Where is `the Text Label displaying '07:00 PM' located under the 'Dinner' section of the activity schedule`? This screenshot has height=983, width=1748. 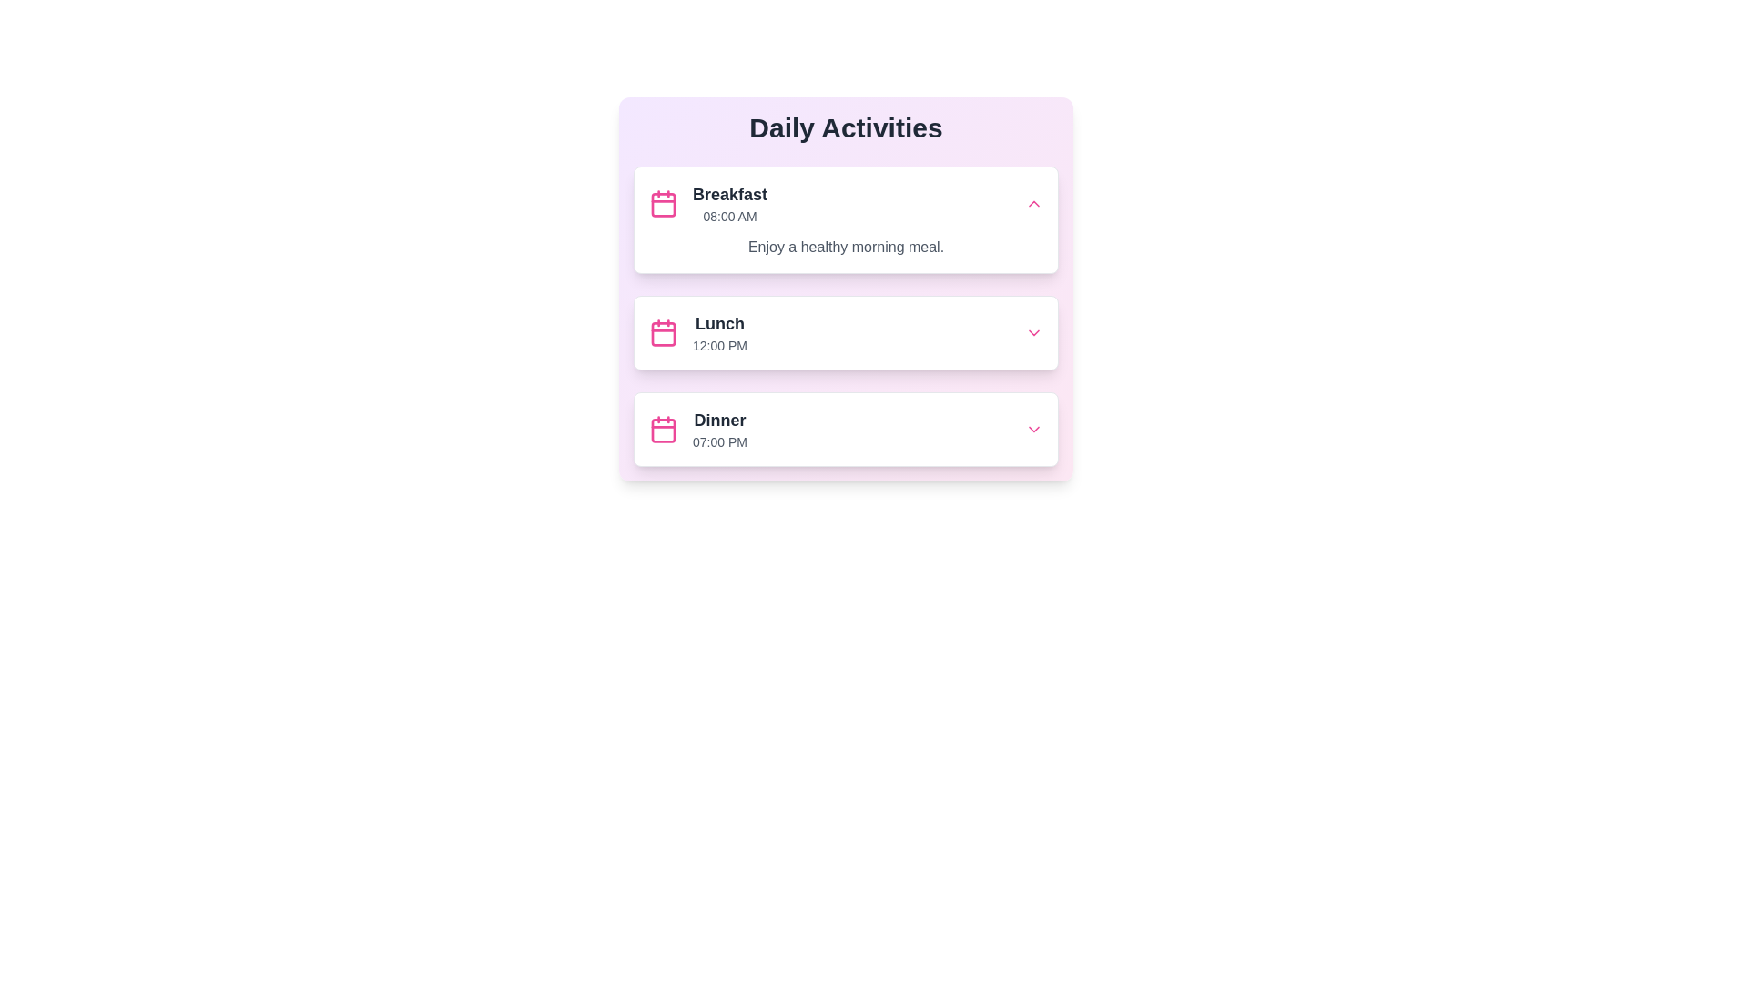 the Text Label displaying '07:00 PM' located under the 'Dinner' section of the activity schedule is located at coordinates (719, 442).